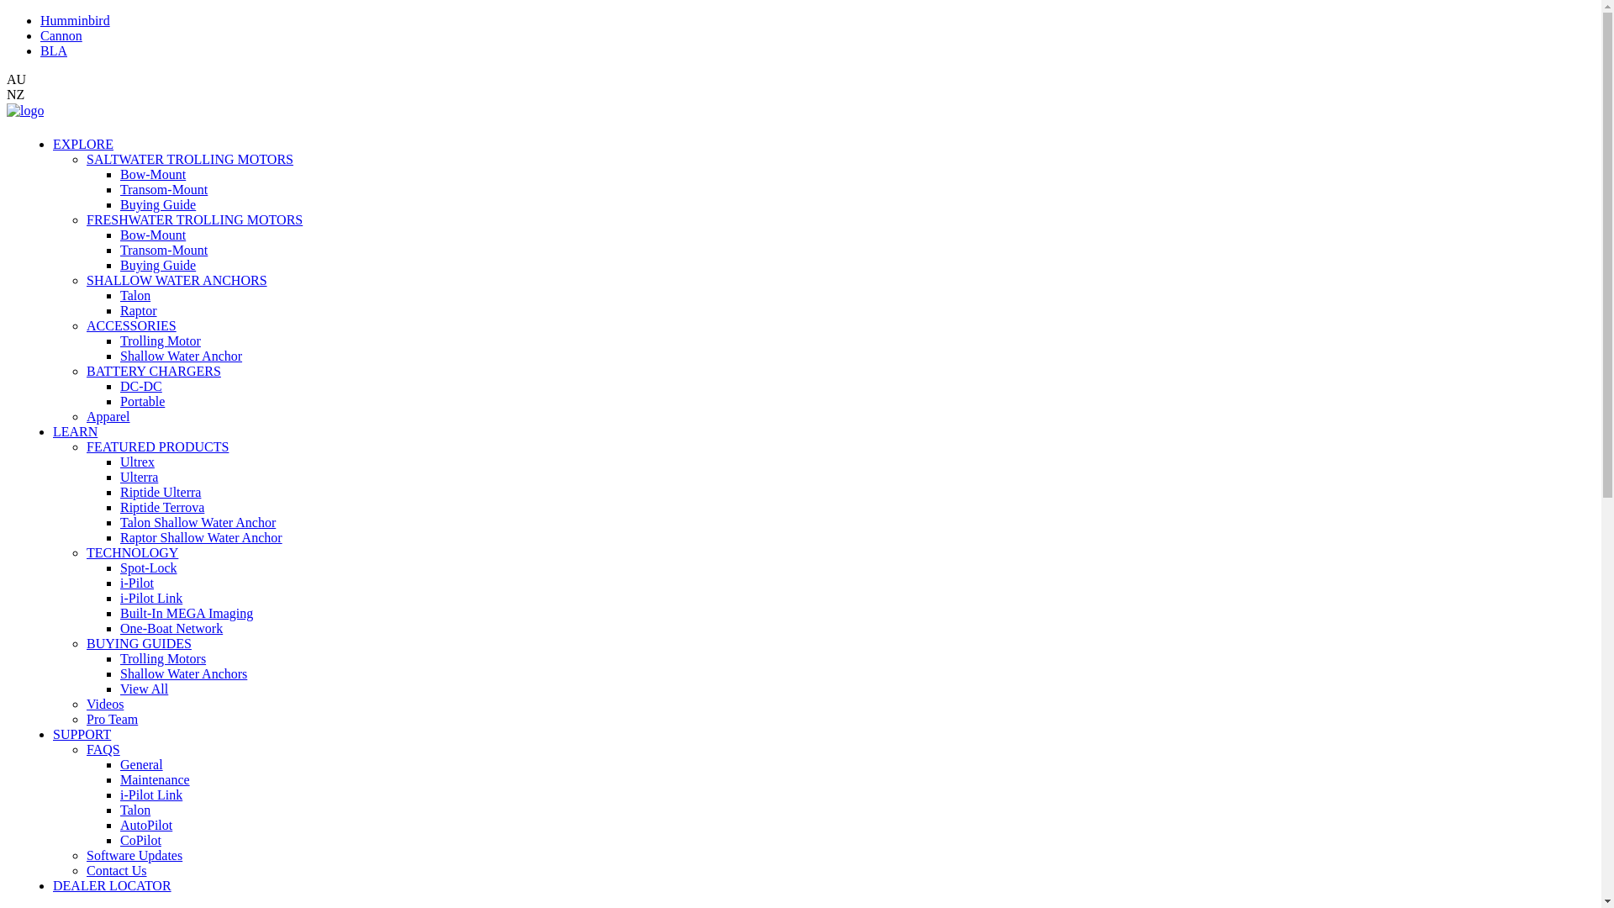  I want to click on 'BLA', so click(53, 50).